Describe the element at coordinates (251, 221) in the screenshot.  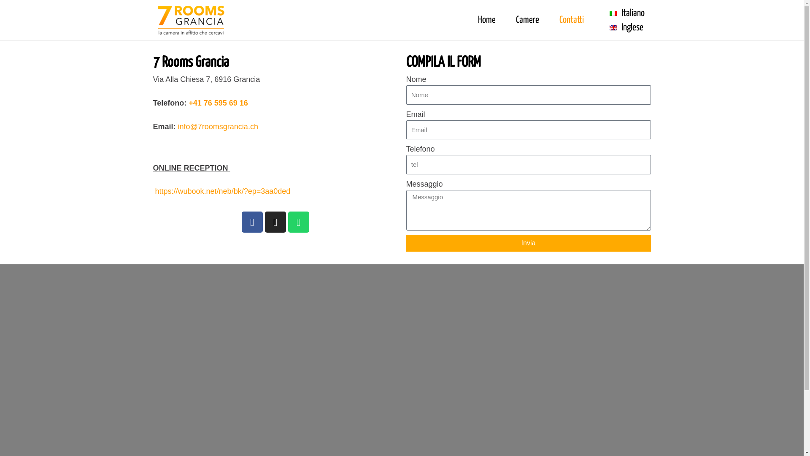
I see `'Facebook'` at that location.